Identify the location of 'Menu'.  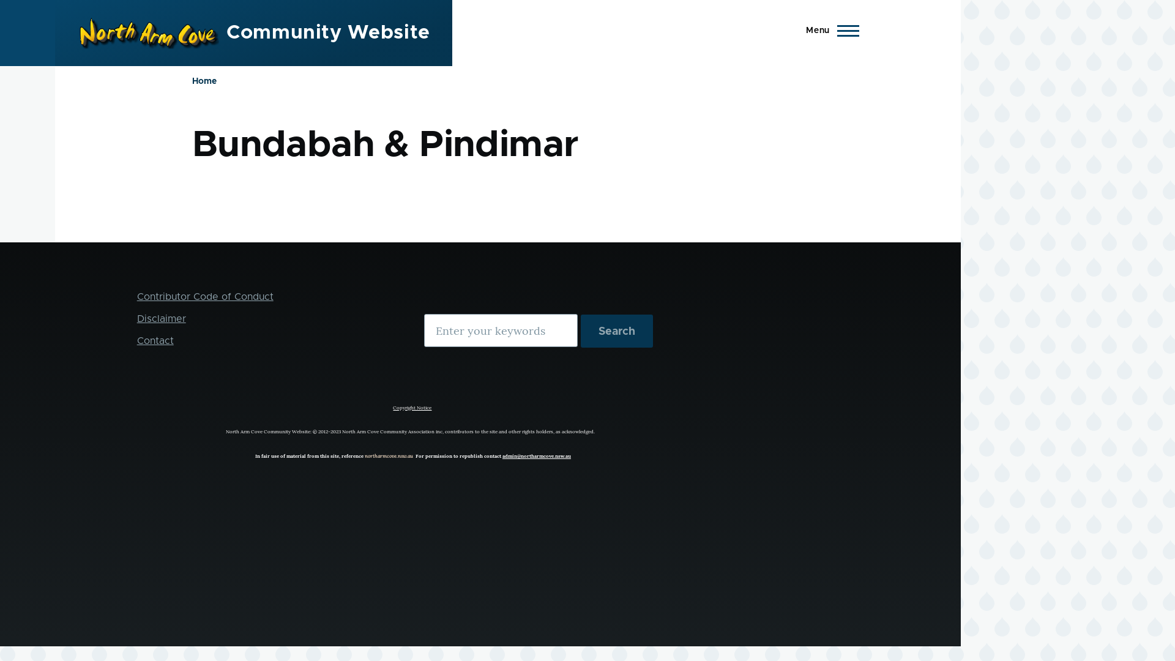
(829, 30).